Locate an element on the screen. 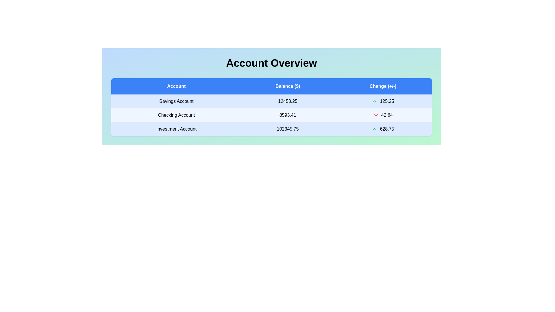 The image size is (555, 312). the row corresponding to Savings Account to view its details is located at coordinates (176, 101).